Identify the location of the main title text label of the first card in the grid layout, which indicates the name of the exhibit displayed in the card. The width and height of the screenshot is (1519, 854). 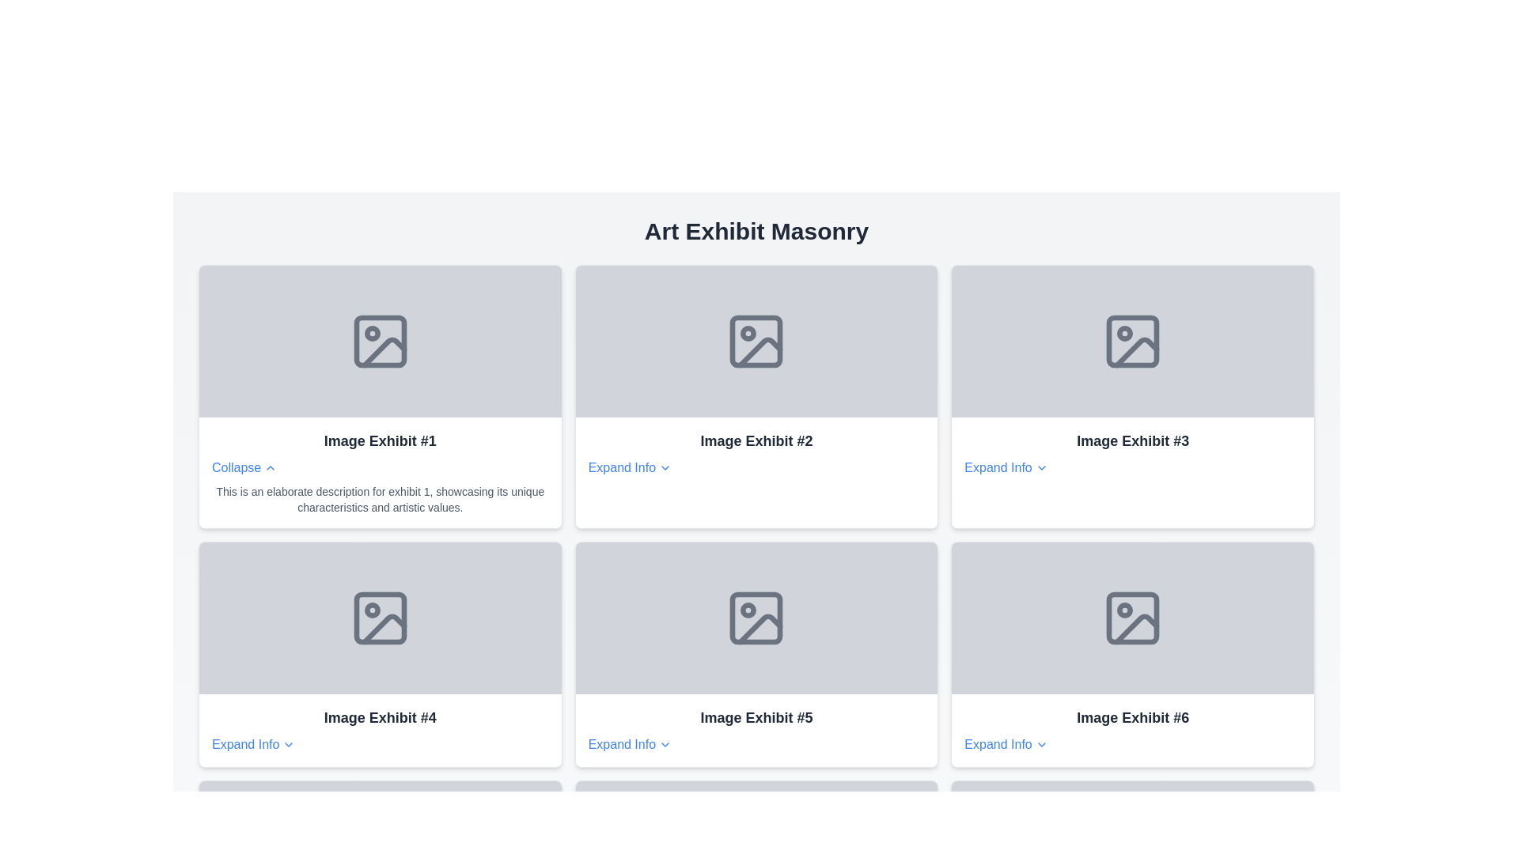
(380, 441).